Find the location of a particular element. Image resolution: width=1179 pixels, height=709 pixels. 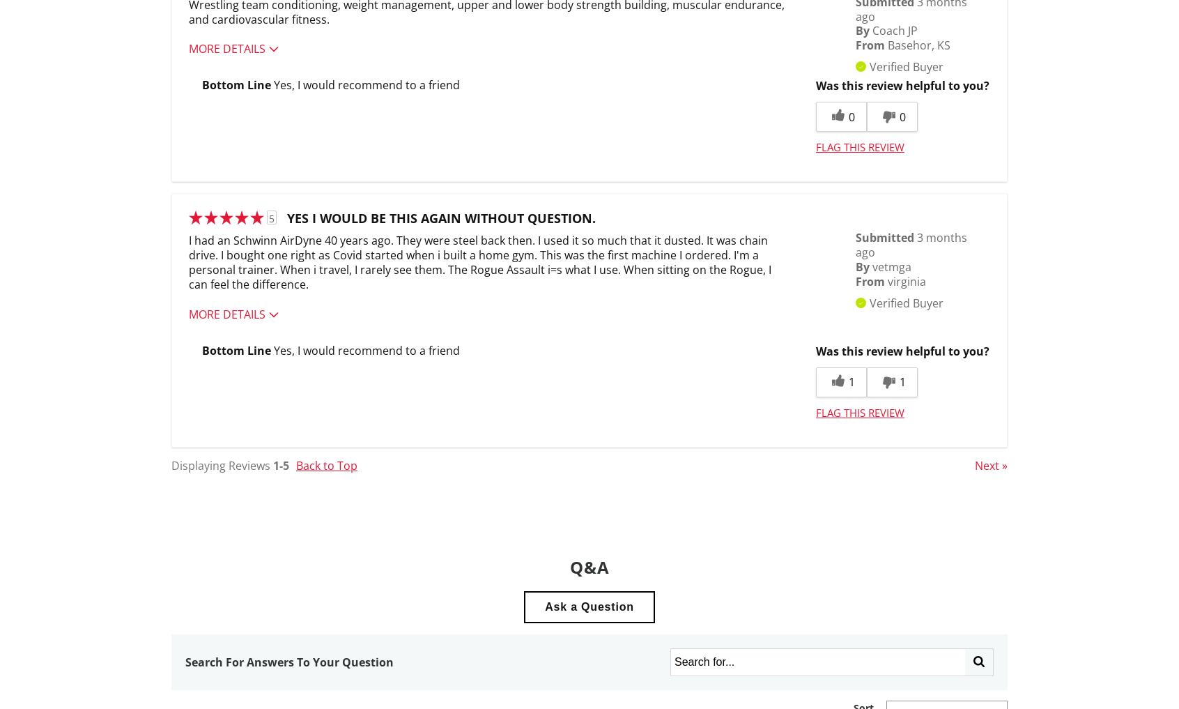

'Coach JP' is located at coordinates (894, 30).